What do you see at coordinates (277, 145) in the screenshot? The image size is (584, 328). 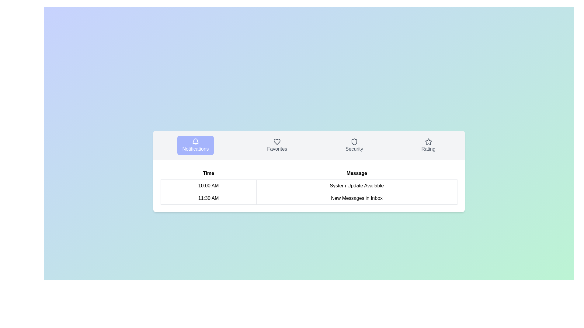 I see `the navigation button for 'Favorites' located between 'Notifications' and 'Security'` at bounding box center [277, 145].